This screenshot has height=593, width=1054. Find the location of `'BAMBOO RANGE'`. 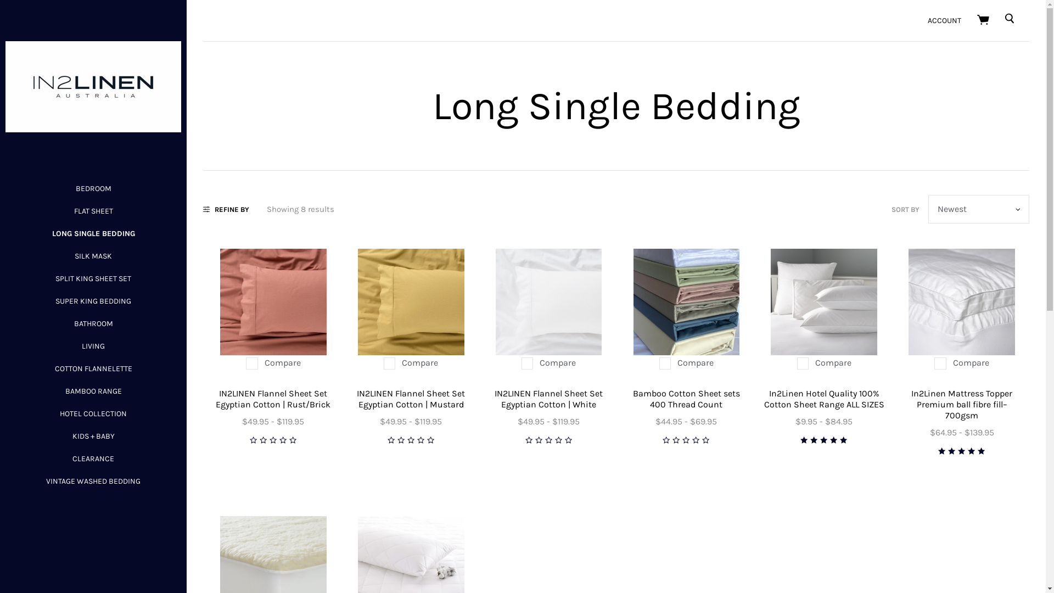

'BAMBOO RANGE' is located at coordinates (64, 390).